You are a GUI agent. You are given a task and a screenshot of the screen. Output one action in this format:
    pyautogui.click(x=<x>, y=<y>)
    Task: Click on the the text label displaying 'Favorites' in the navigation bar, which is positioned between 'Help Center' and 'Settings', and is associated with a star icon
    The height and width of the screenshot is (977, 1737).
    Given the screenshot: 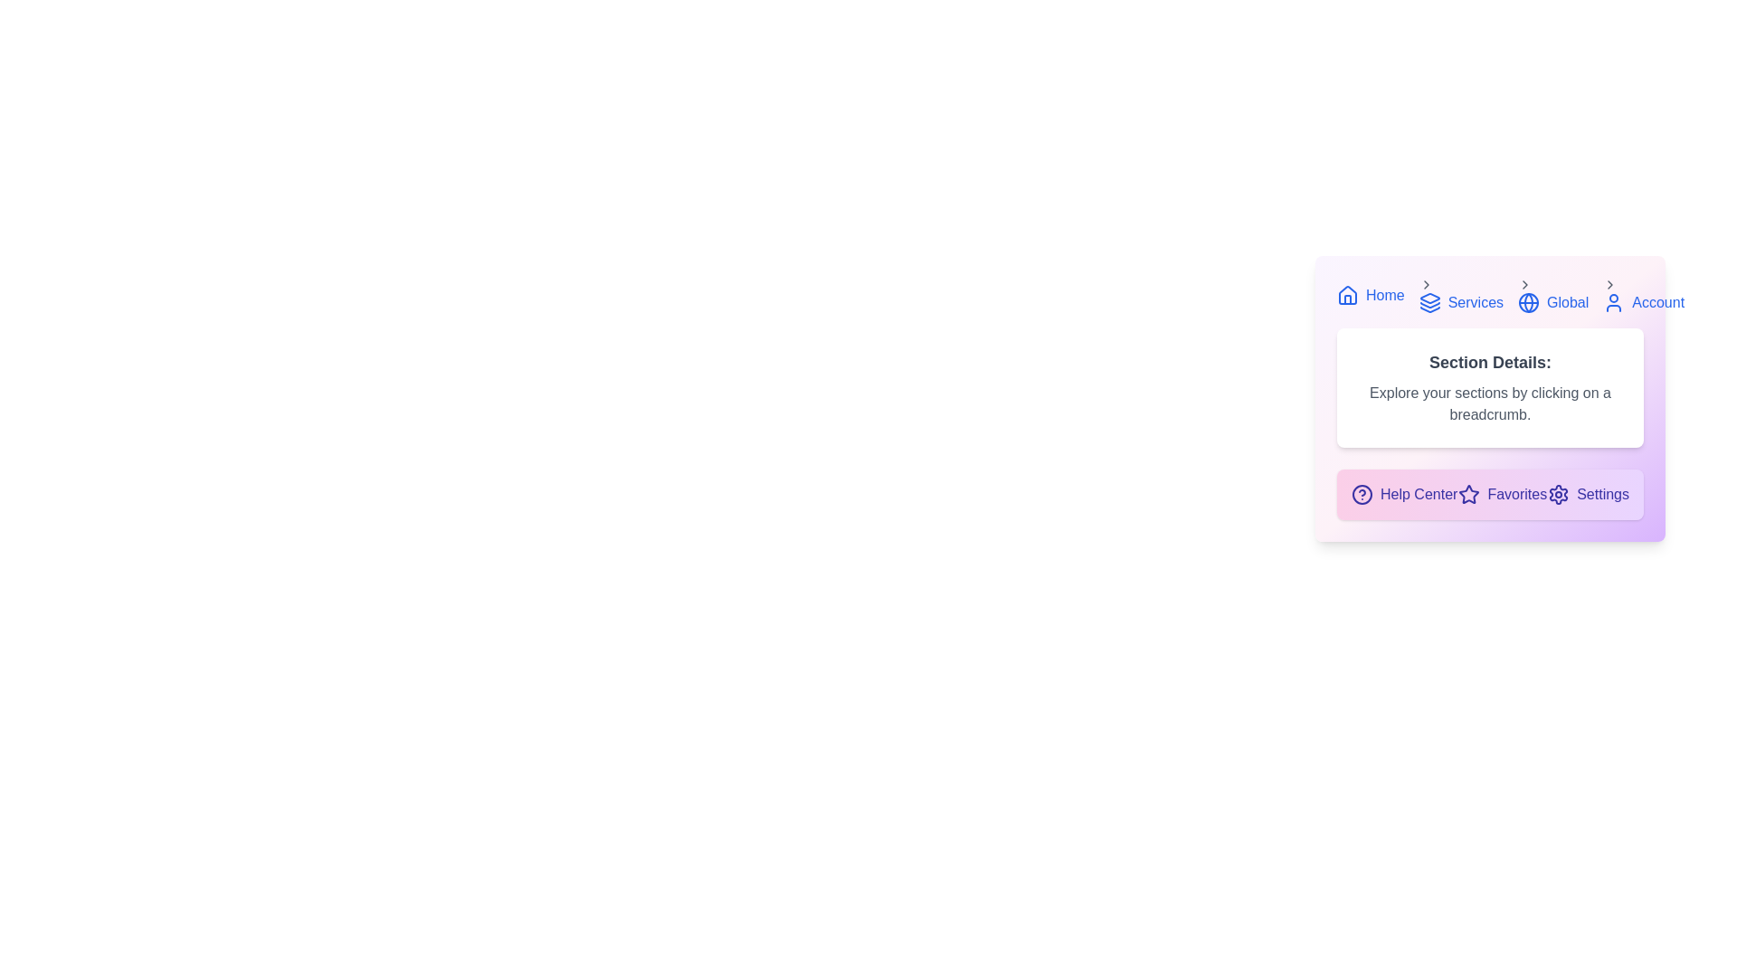 What is the action you would take?
    pyautogui.click(x=1517, y=495)
    